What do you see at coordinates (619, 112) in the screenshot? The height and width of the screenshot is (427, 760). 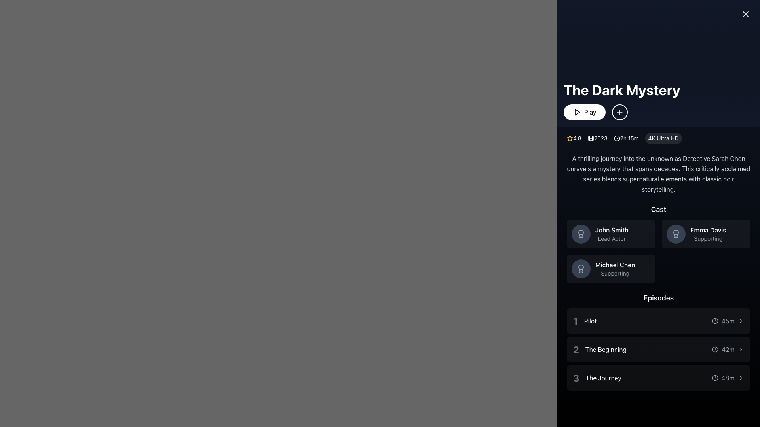 I see `the button located directly to the right of the 'Play' button, which adds the associated item to a favorites list or watchlist` at bounding box center [619, 112].